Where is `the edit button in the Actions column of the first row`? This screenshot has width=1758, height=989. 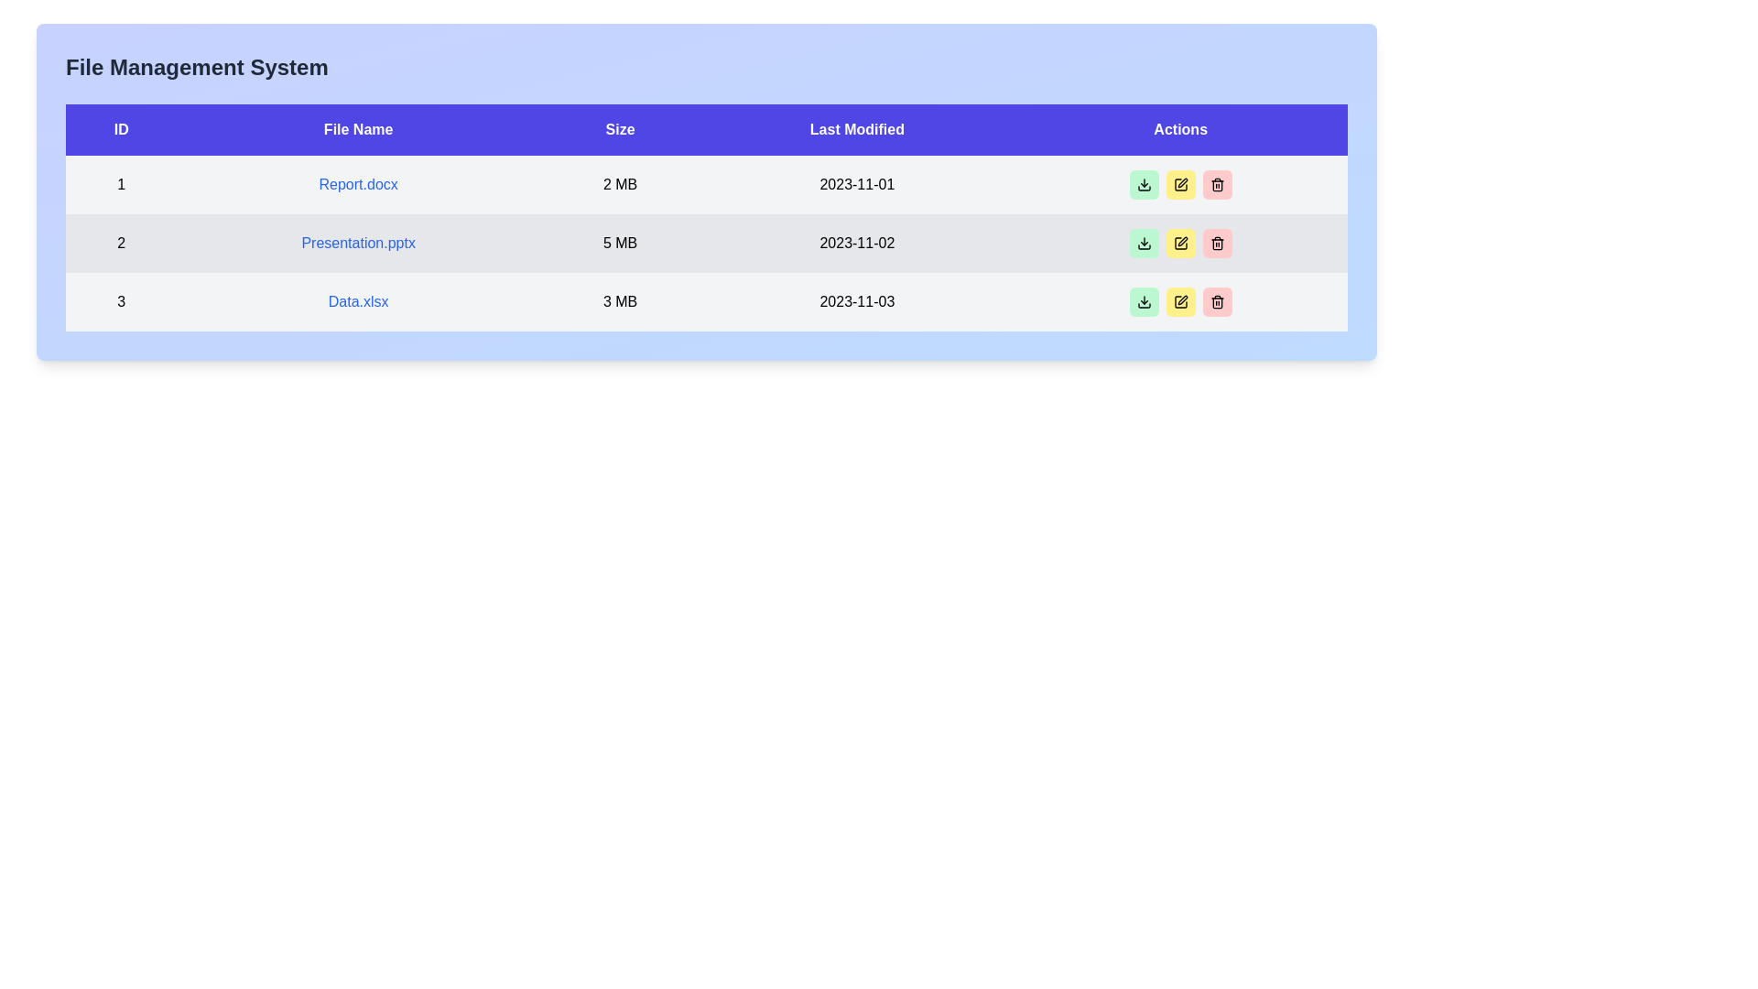 the edit button in the Actions column of the first row is located at coordinates (1180, 184).